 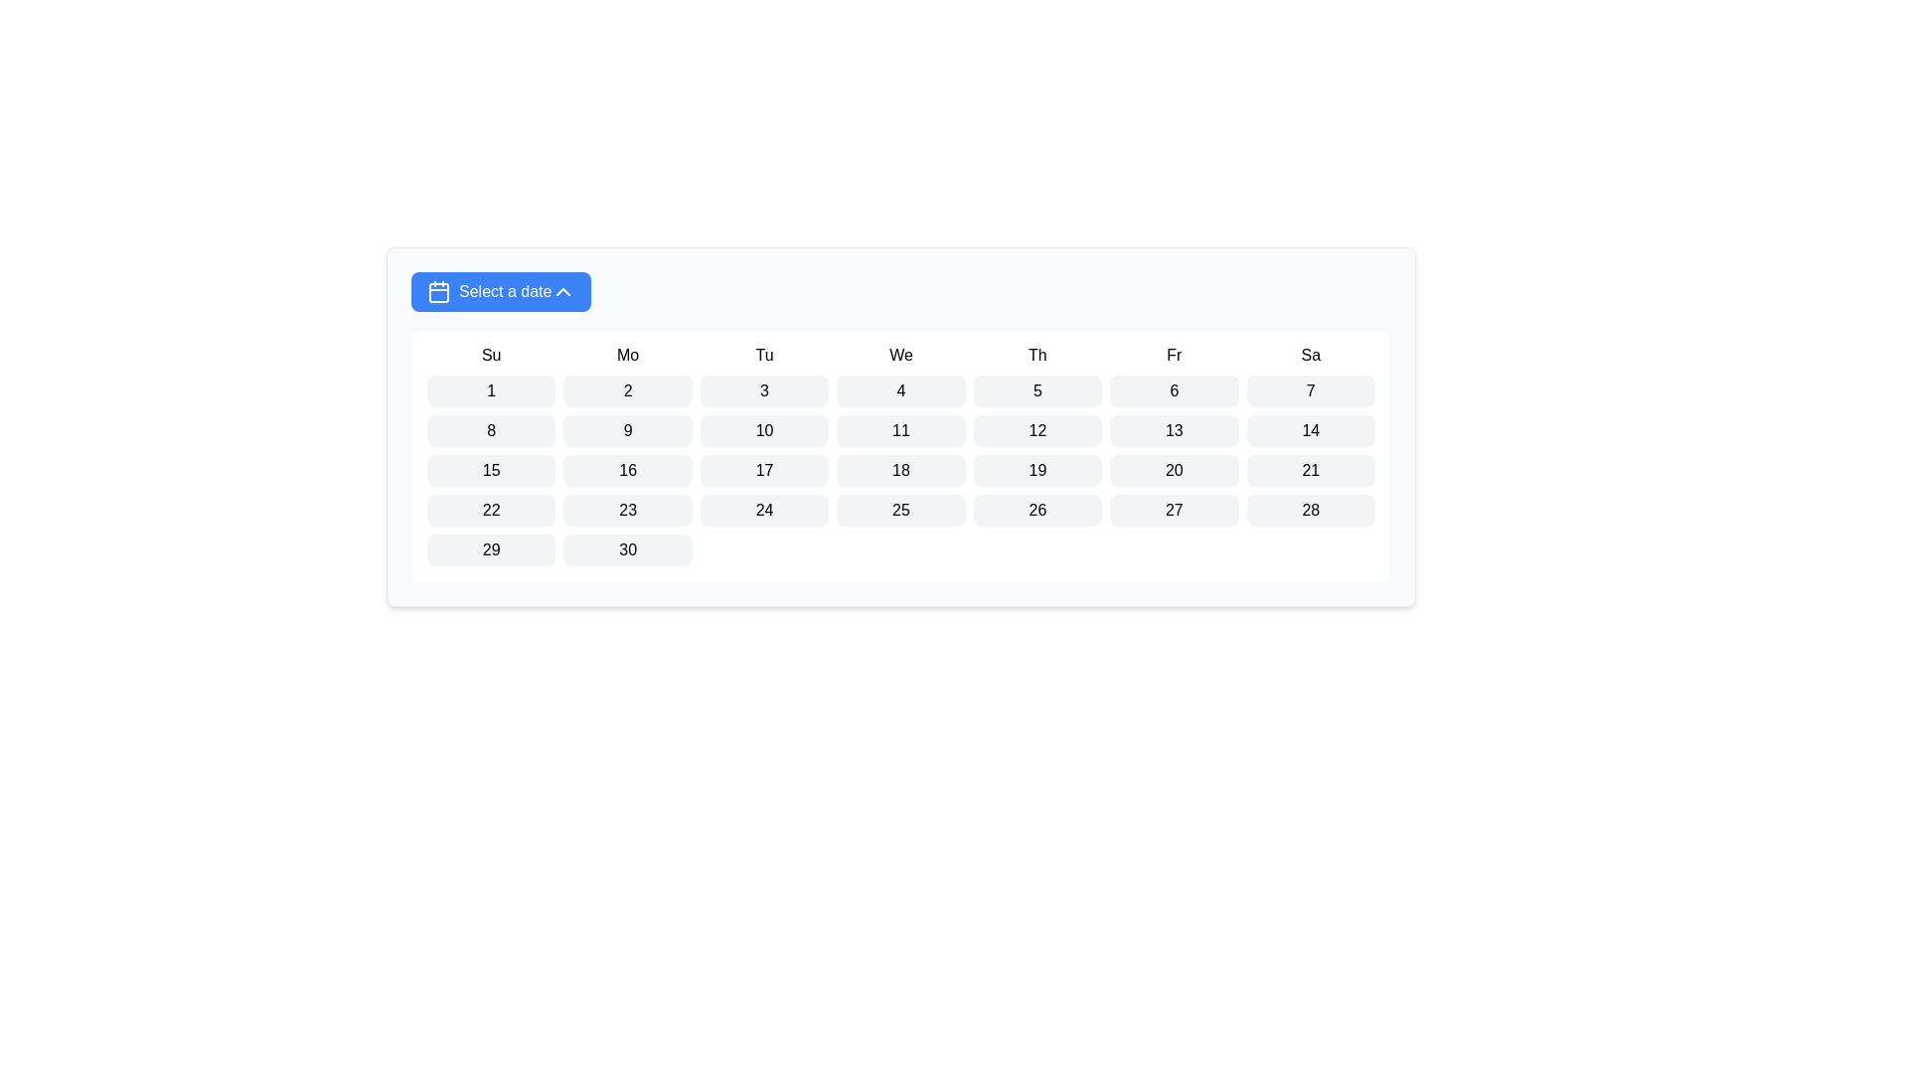 What do you see at coordinates (491, 355) in the screenshot?
I see `the static text label displaying 'Su', which is the first item in the horizontal list of days of the week in the calendar header` at bounding box center [491, 355].